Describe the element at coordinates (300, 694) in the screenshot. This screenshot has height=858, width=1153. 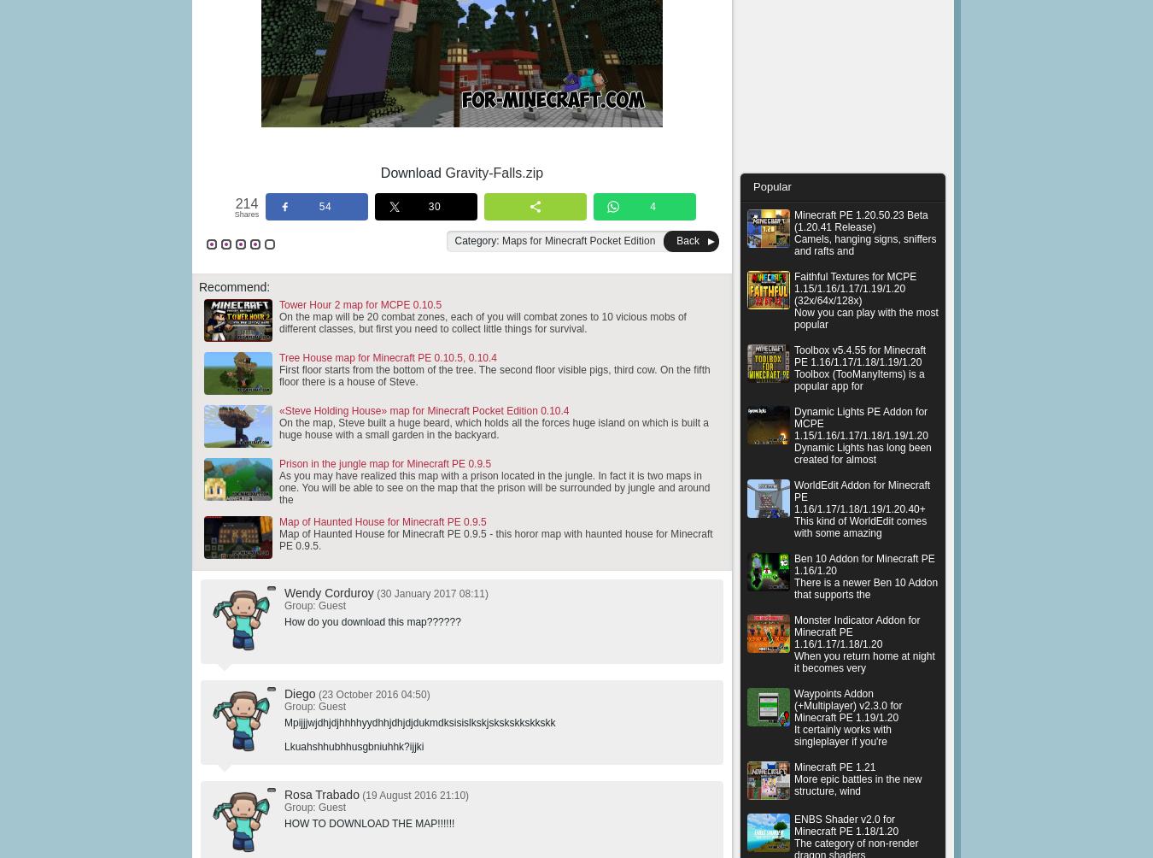
I see `'Diego'` at that location.